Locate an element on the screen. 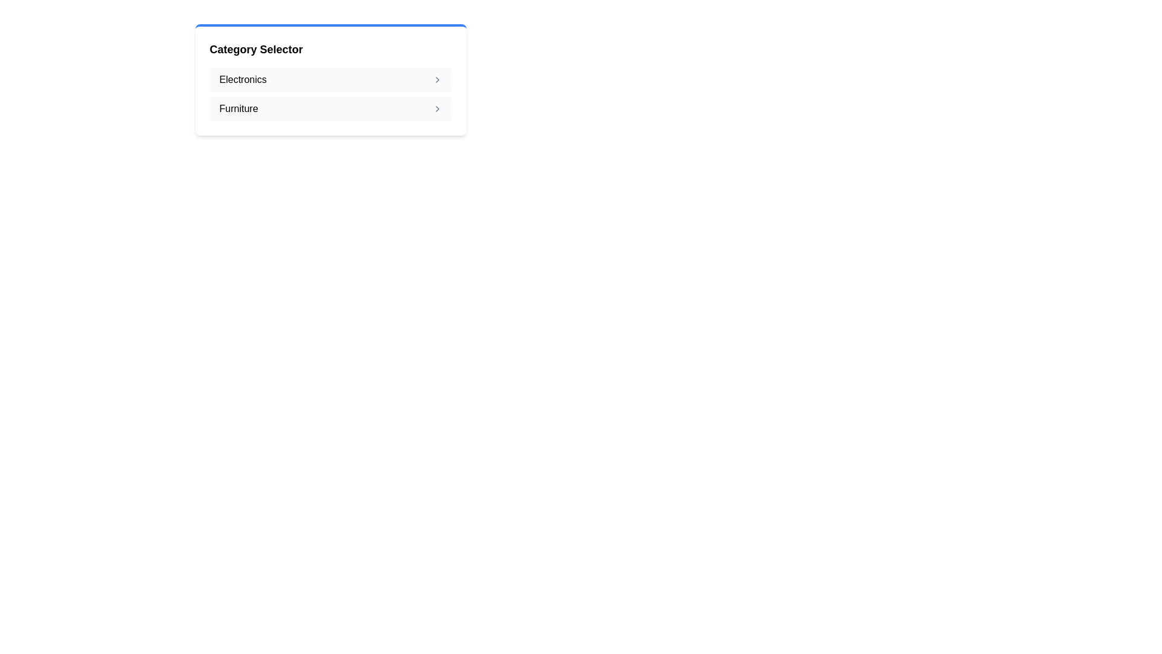 The height and width of the screenshot is (654, 1162). the chevron icon located at the right end of the 'Electronics' row in the modal for accessibility purposes is located at coordinates (436, 79).